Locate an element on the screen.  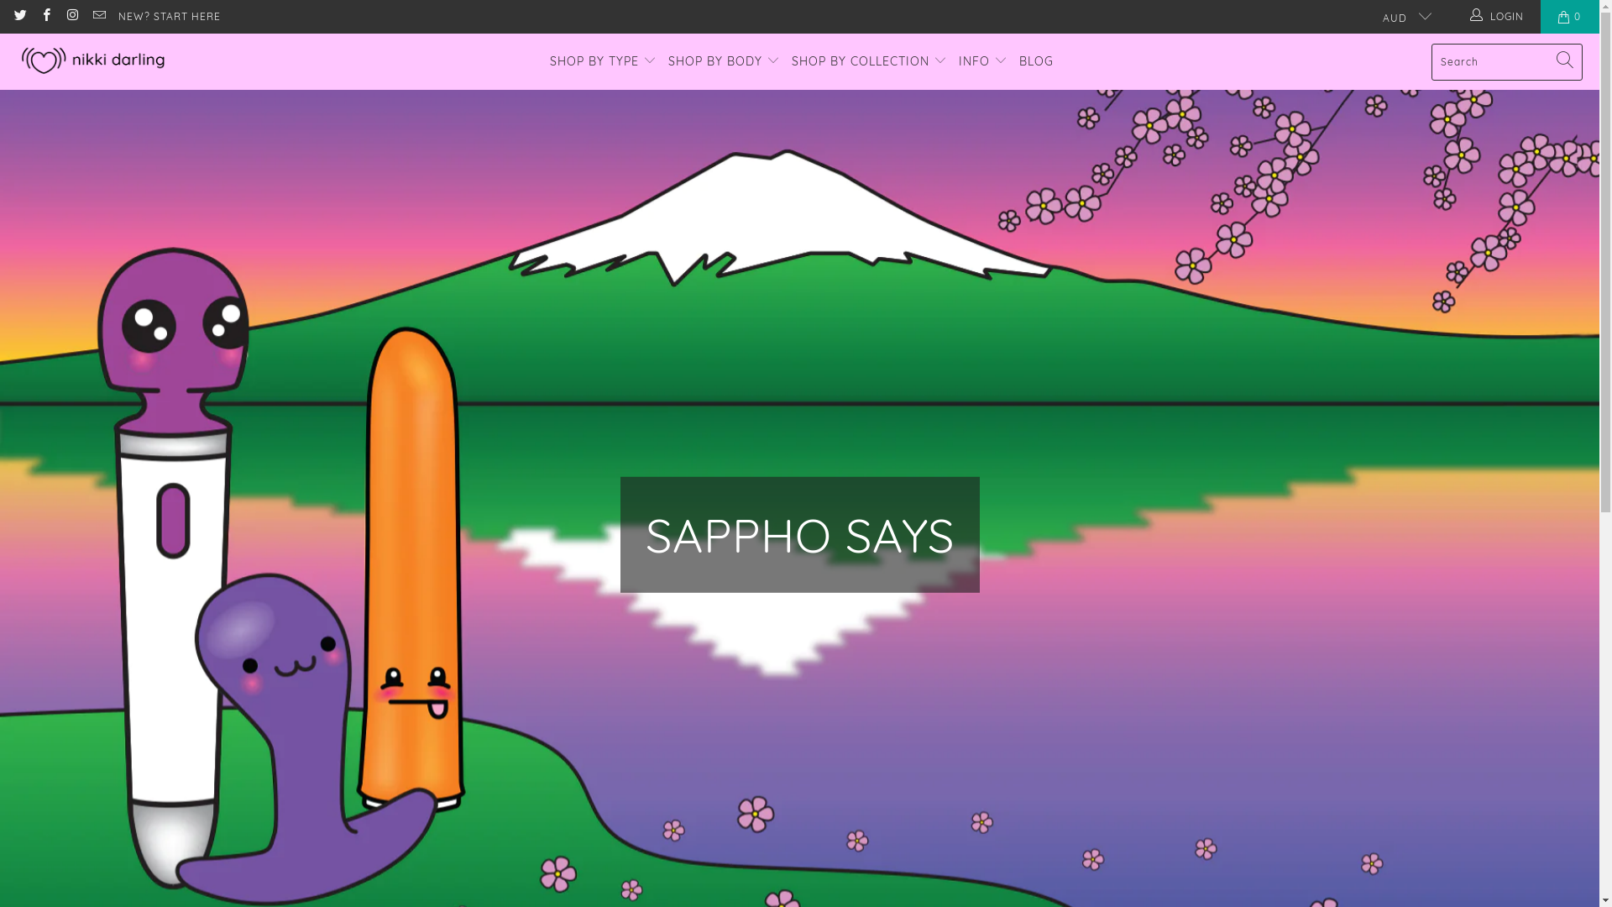
'Nikki Darling' is located at coordinates (16, 60).